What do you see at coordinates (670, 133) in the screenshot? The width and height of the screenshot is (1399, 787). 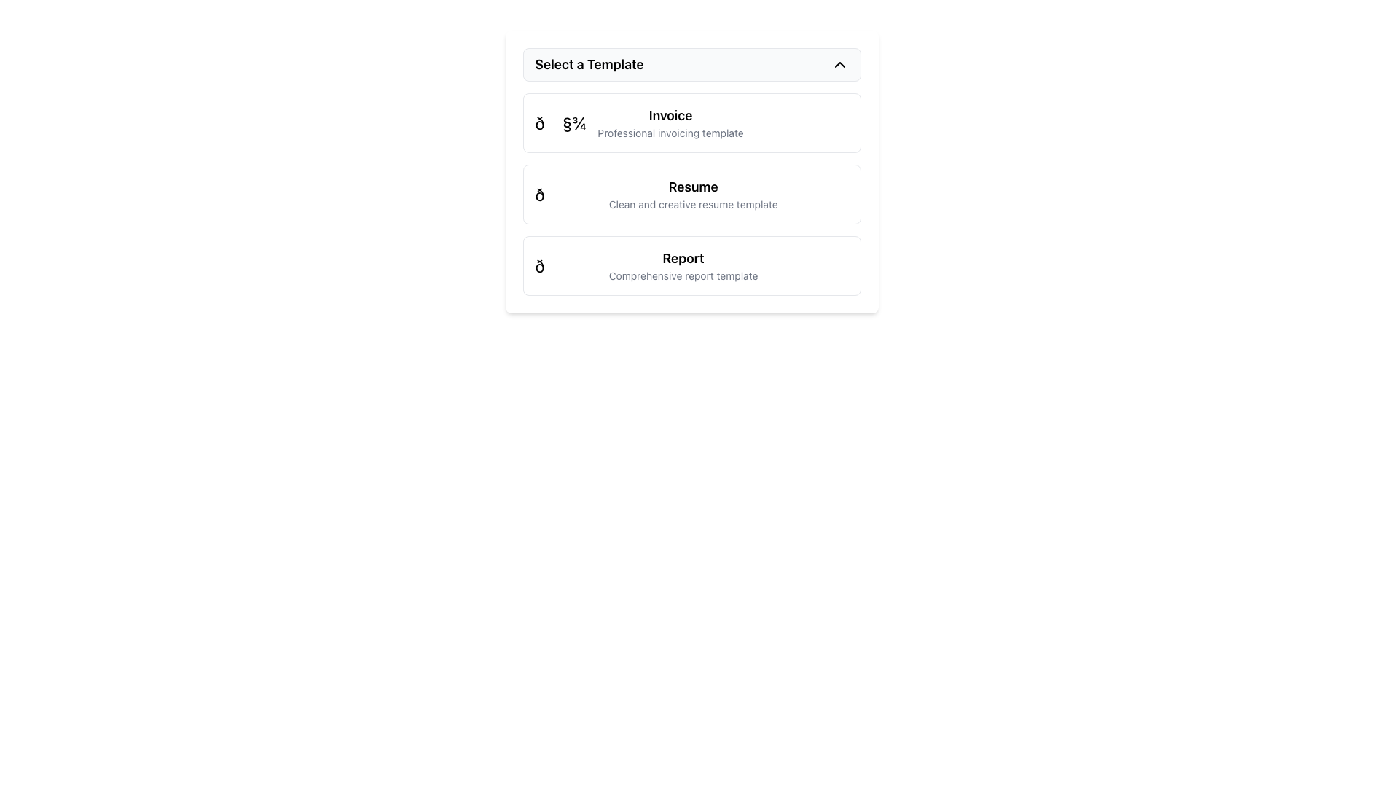 I see `descriptive text label located below the 'Invoice' option in the template selection list, which provides additional information about the 'Invoice' selection` at bounding box center [670, 133].